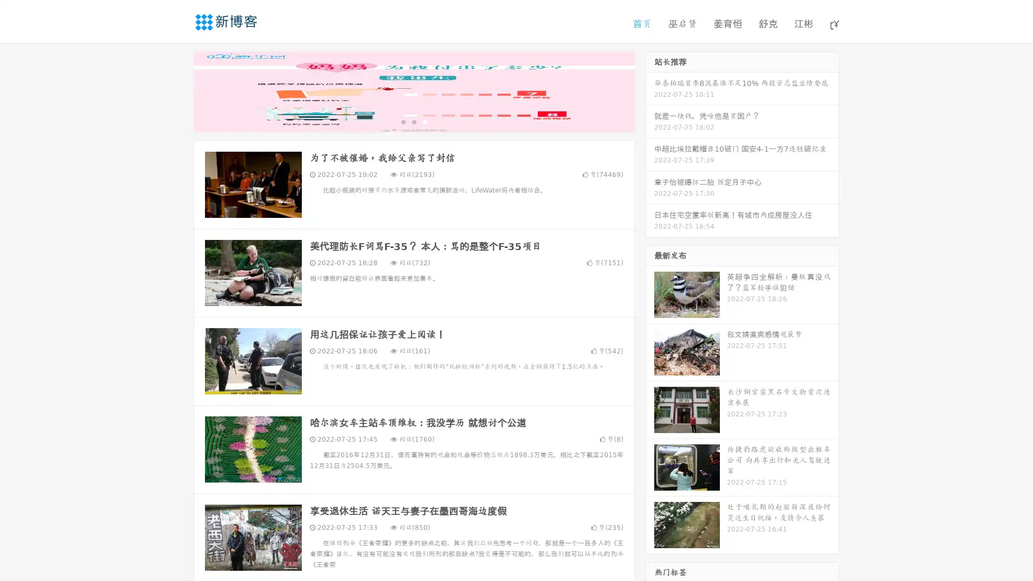 Image resolution: width=1033 pixels, height=581 pixels. Describe the element at coordinates (413, 121) in the screenshot. I see `Go to slide 2` at that location.